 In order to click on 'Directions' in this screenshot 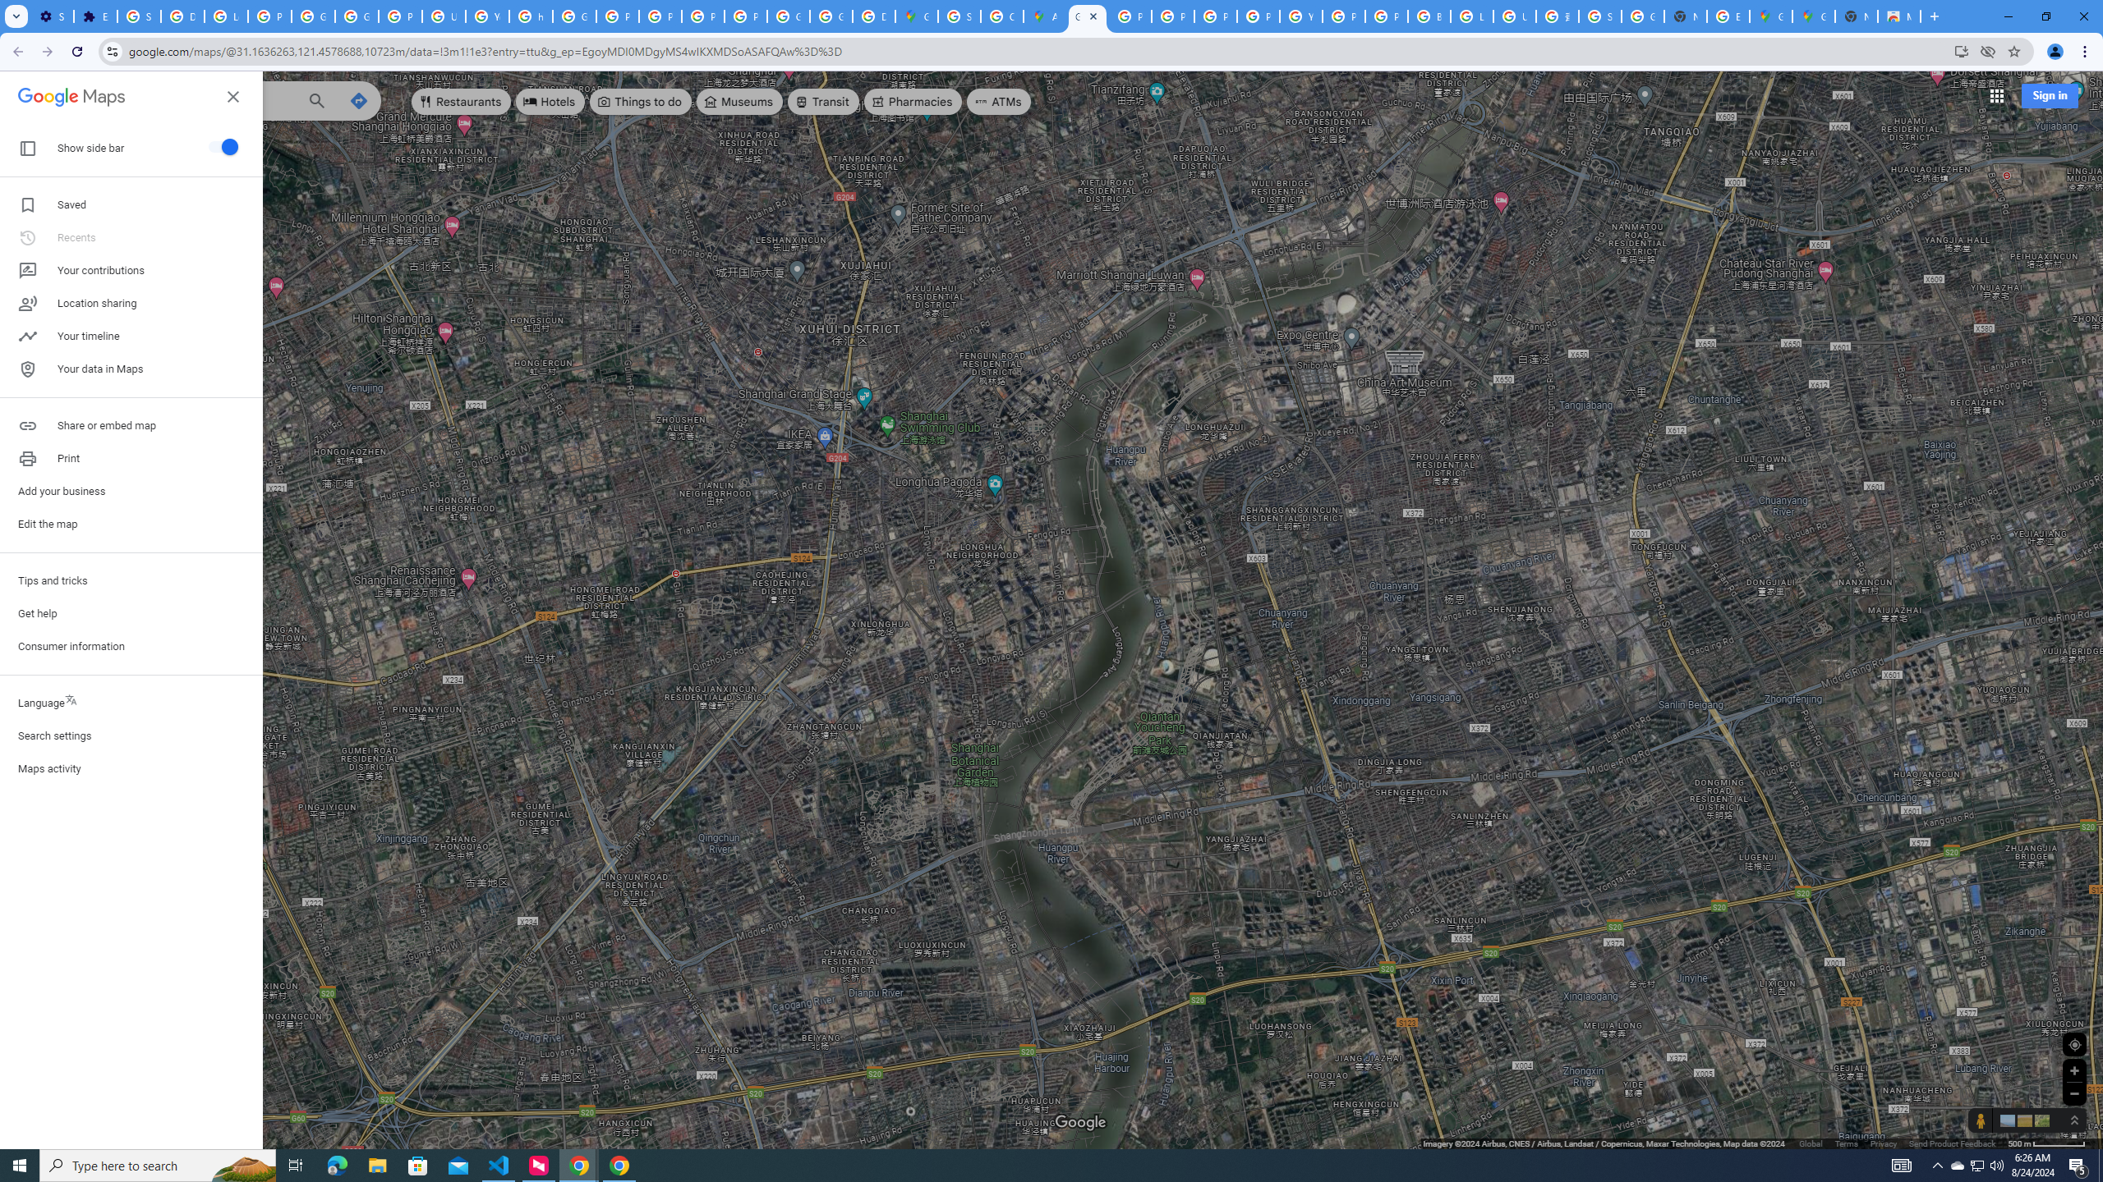, I will do `click(358, 100)`.